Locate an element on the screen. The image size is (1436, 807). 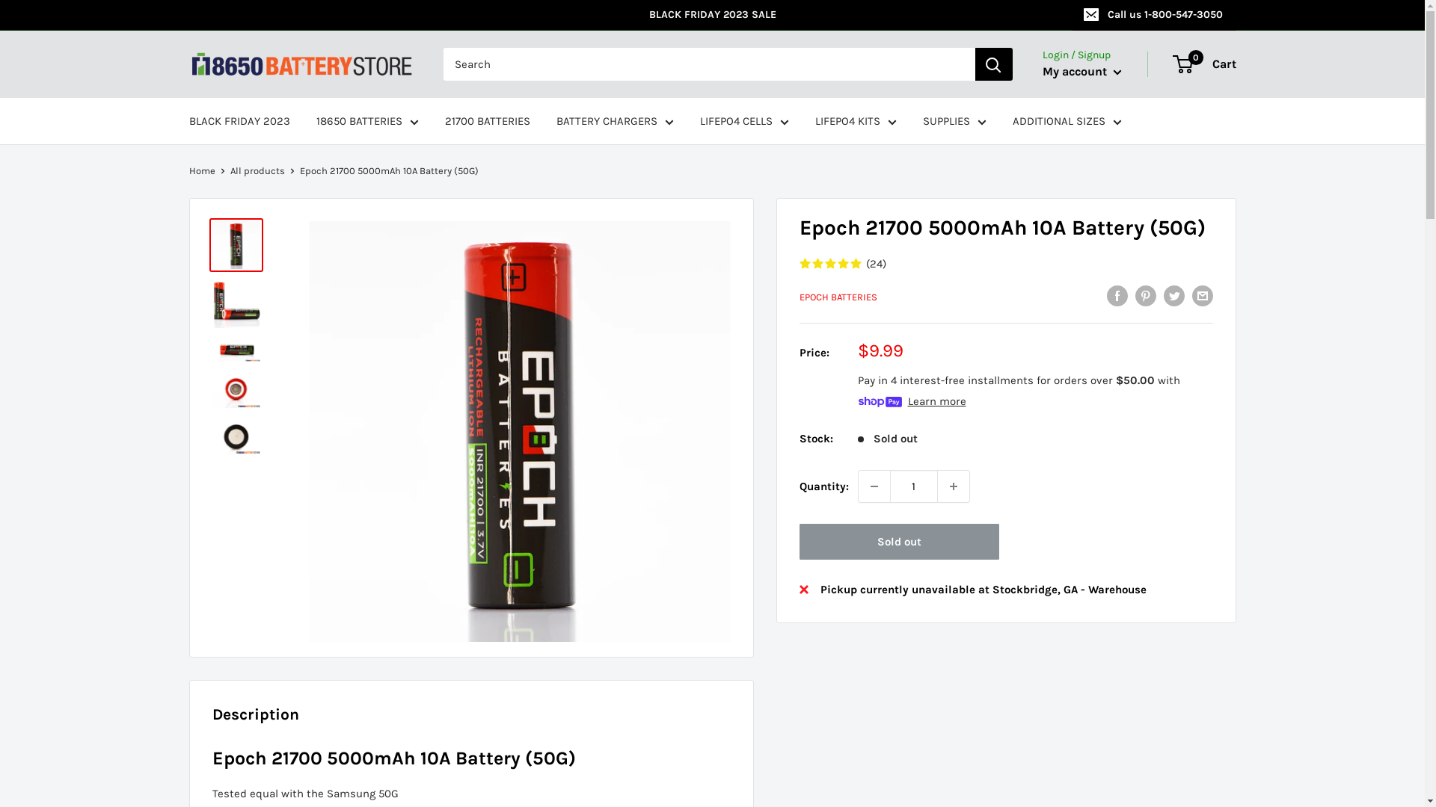
'ADDITIONAL SIZES' is located at coordinates (1066, 120).